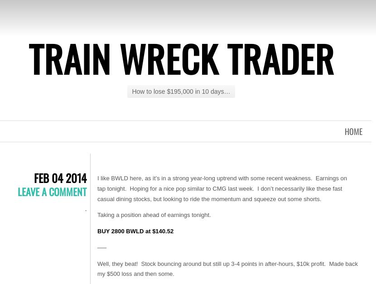  I want to click on '.', so click(85, 207).